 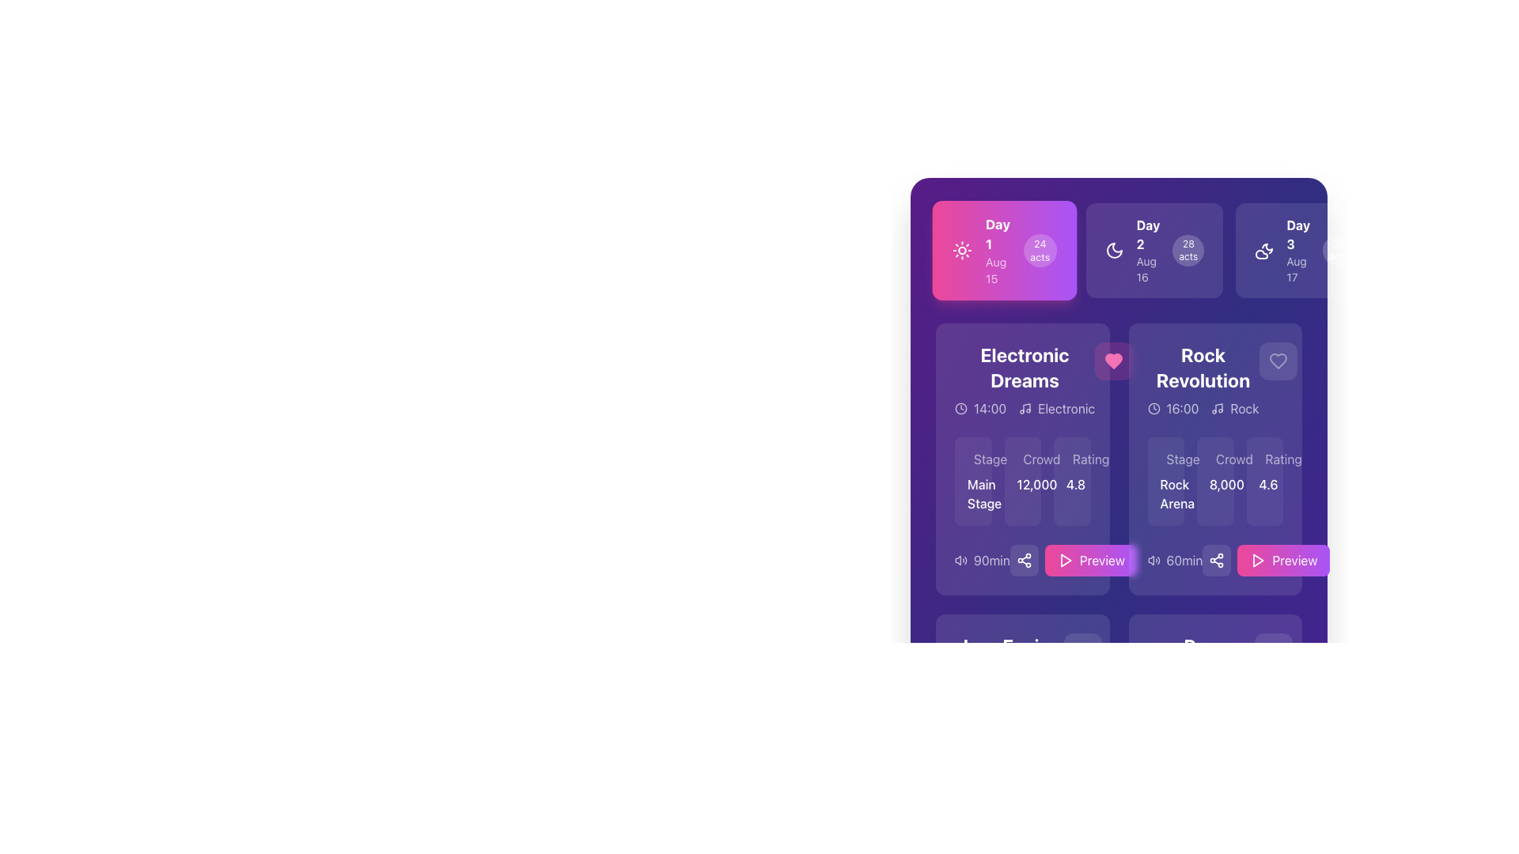 I want to click on the non-interactive text label displaying the time of the event 'Rock Revolution', located beneath the title 'Rock Revolution' in the right card of the two-column layout, so click(x=1182, y=407).